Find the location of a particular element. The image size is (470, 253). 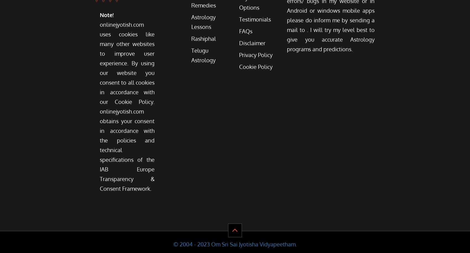

'Astrology Lessons' is located at coordinates (203, 21).